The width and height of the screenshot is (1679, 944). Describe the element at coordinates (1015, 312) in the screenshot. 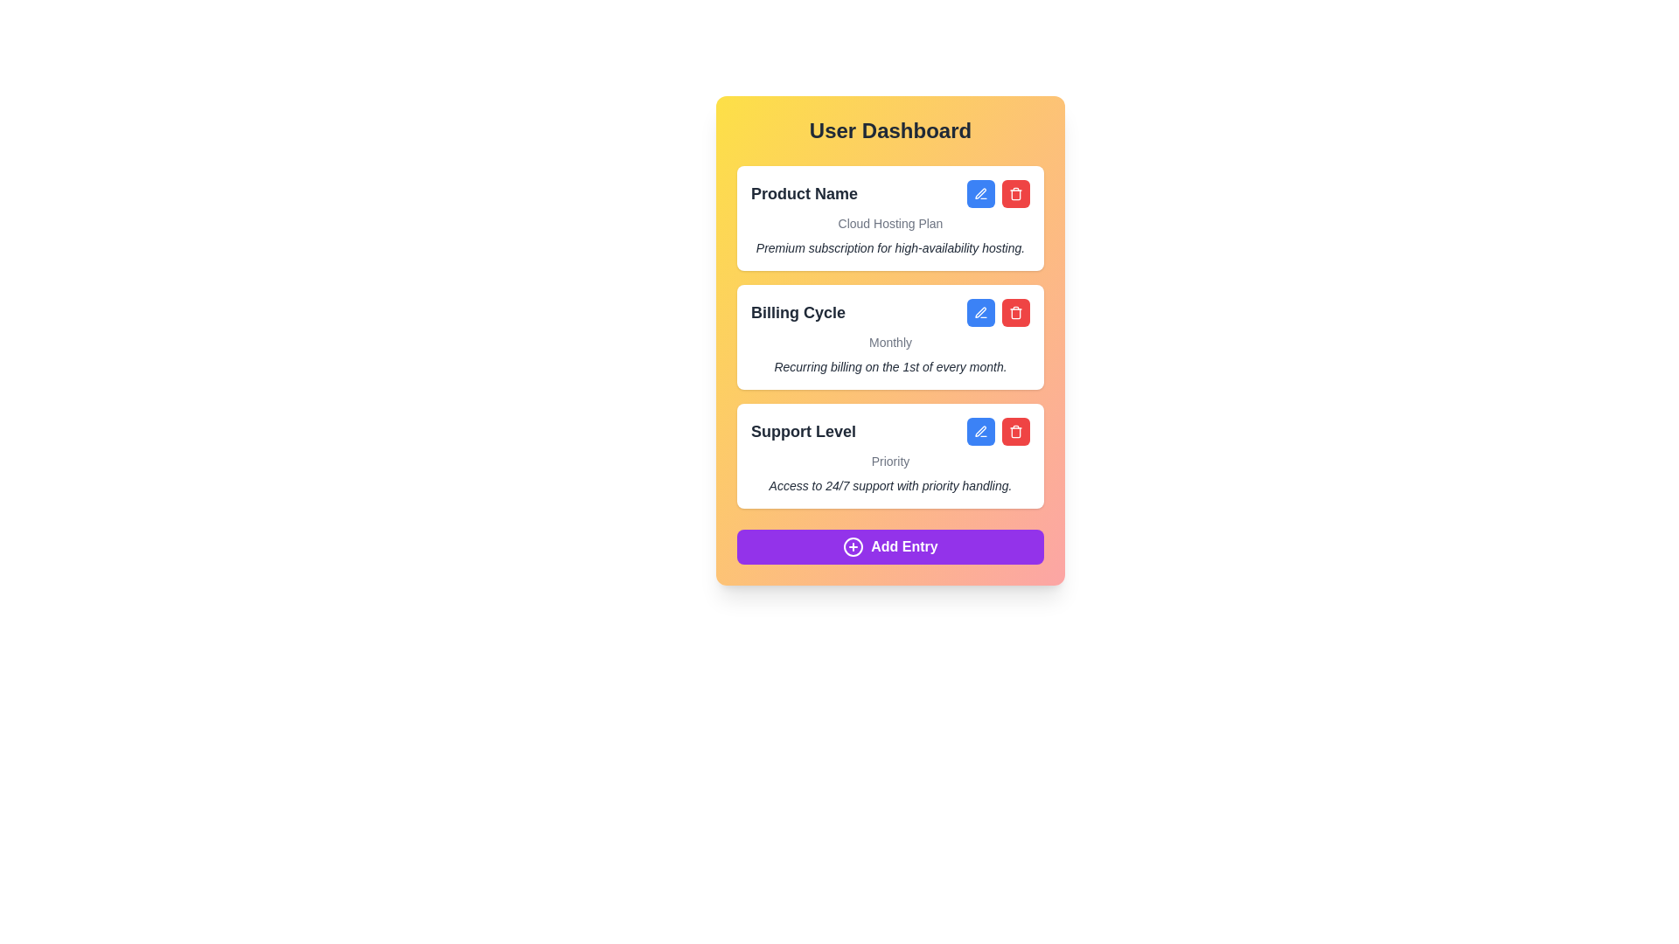

I see `the delete button located to the right of the 'Billing Cycle' row in the 'User Dashboard' section for interaction` at that location.